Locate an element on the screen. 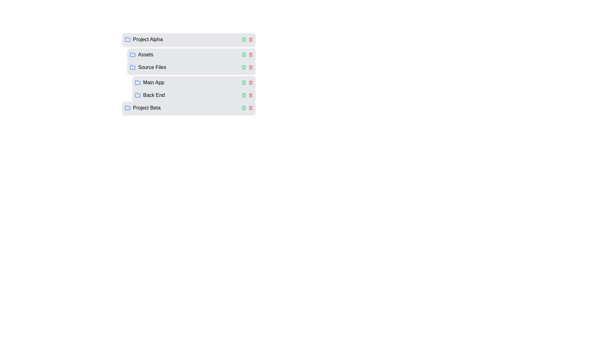  the folder icon located to the left of the 'Source Files' label, which serves as a visual indicator of a directory is located at coordinates (132, 67).